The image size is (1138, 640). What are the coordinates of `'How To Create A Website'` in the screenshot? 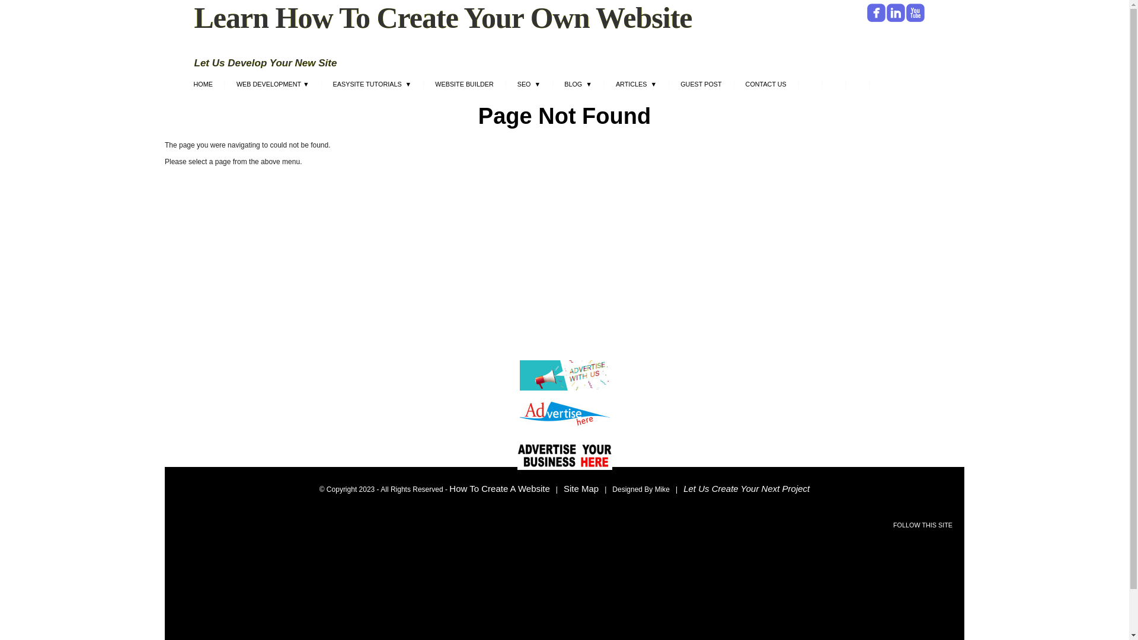 It's located at (500, 488).